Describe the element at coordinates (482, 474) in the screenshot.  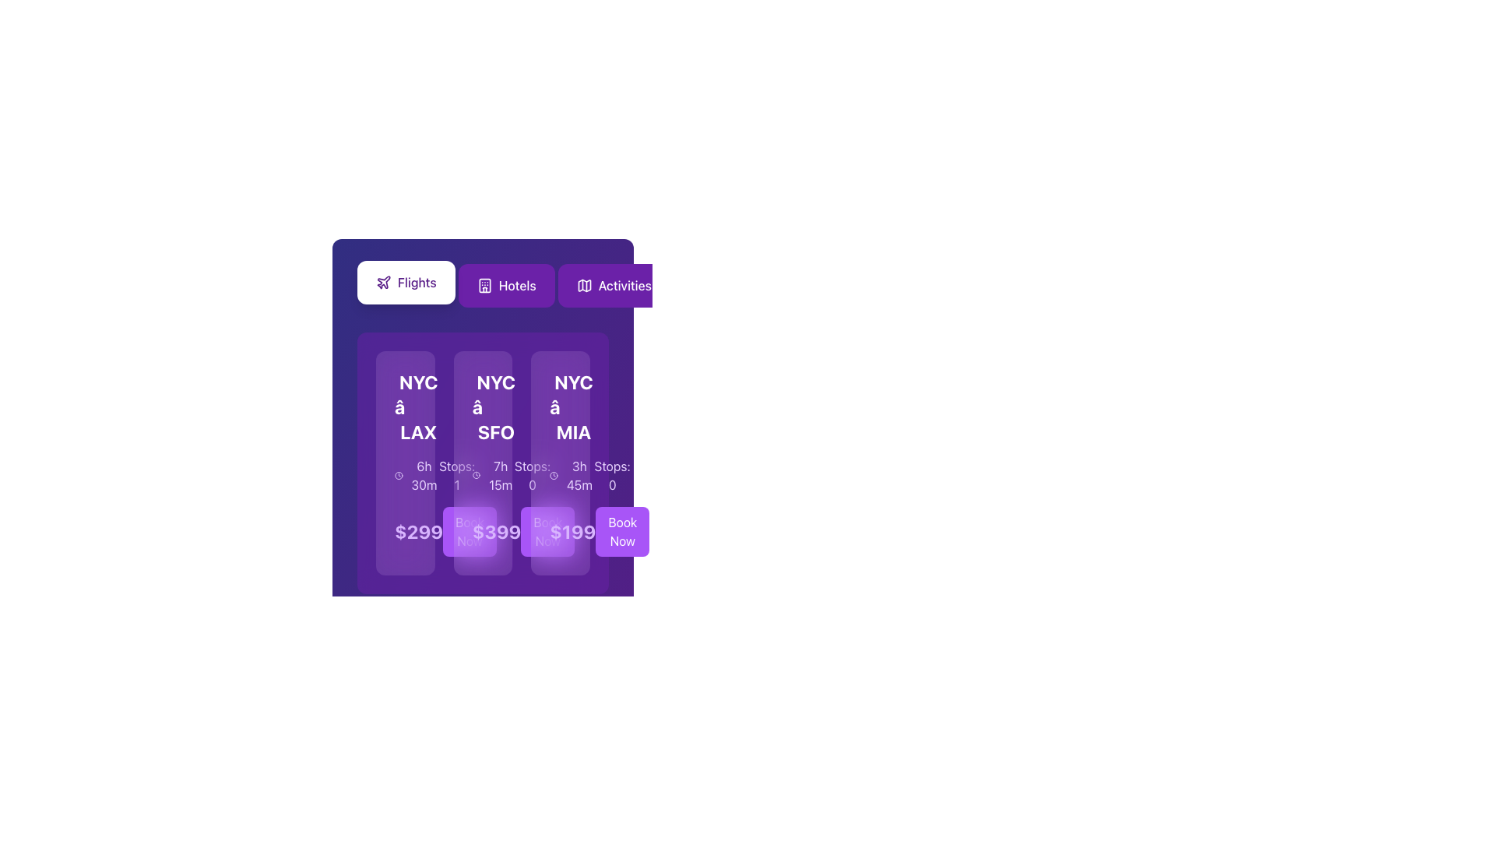
I see `the text label displaying '7h 15m Stops: 0', which is positioned below 'NYC → SFO' and above the price in the flight selection view` at that location.